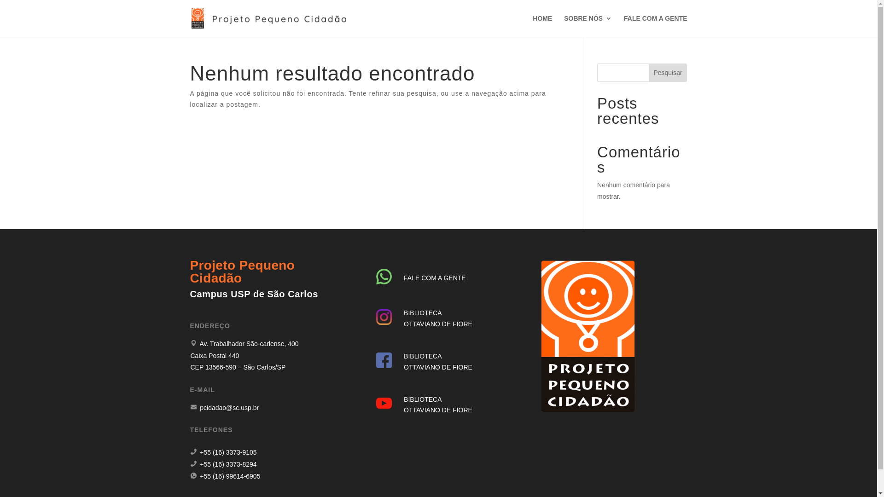 The width and height of the screenshot is (884, 497). What do you see at coordinates (434, 277) in the screenshot?
I see `'FALE COM A GENTE'` at bounding box center [434, 277].